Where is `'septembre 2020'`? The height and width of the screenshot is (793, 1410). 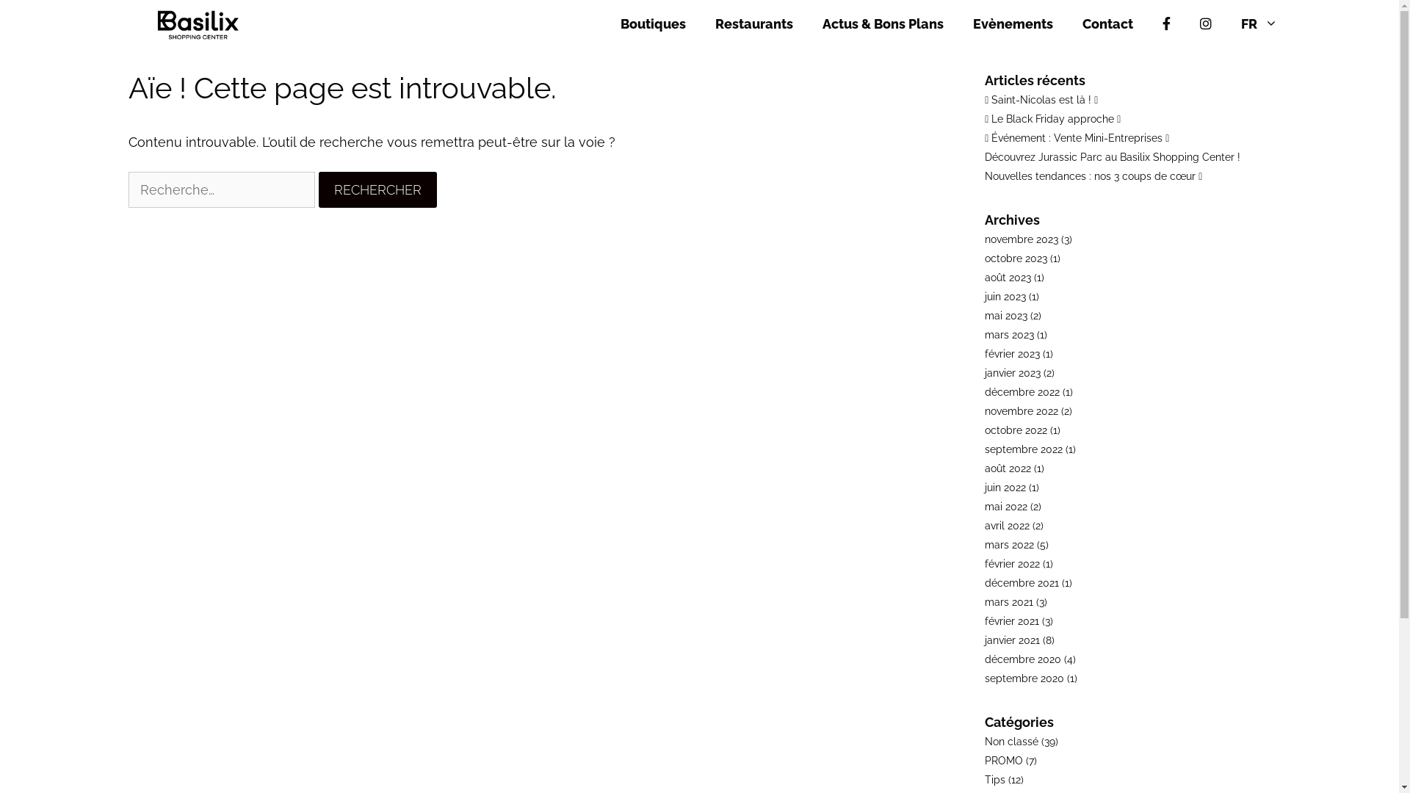 'septembre 2020' is located at coordinates (1024, 678).